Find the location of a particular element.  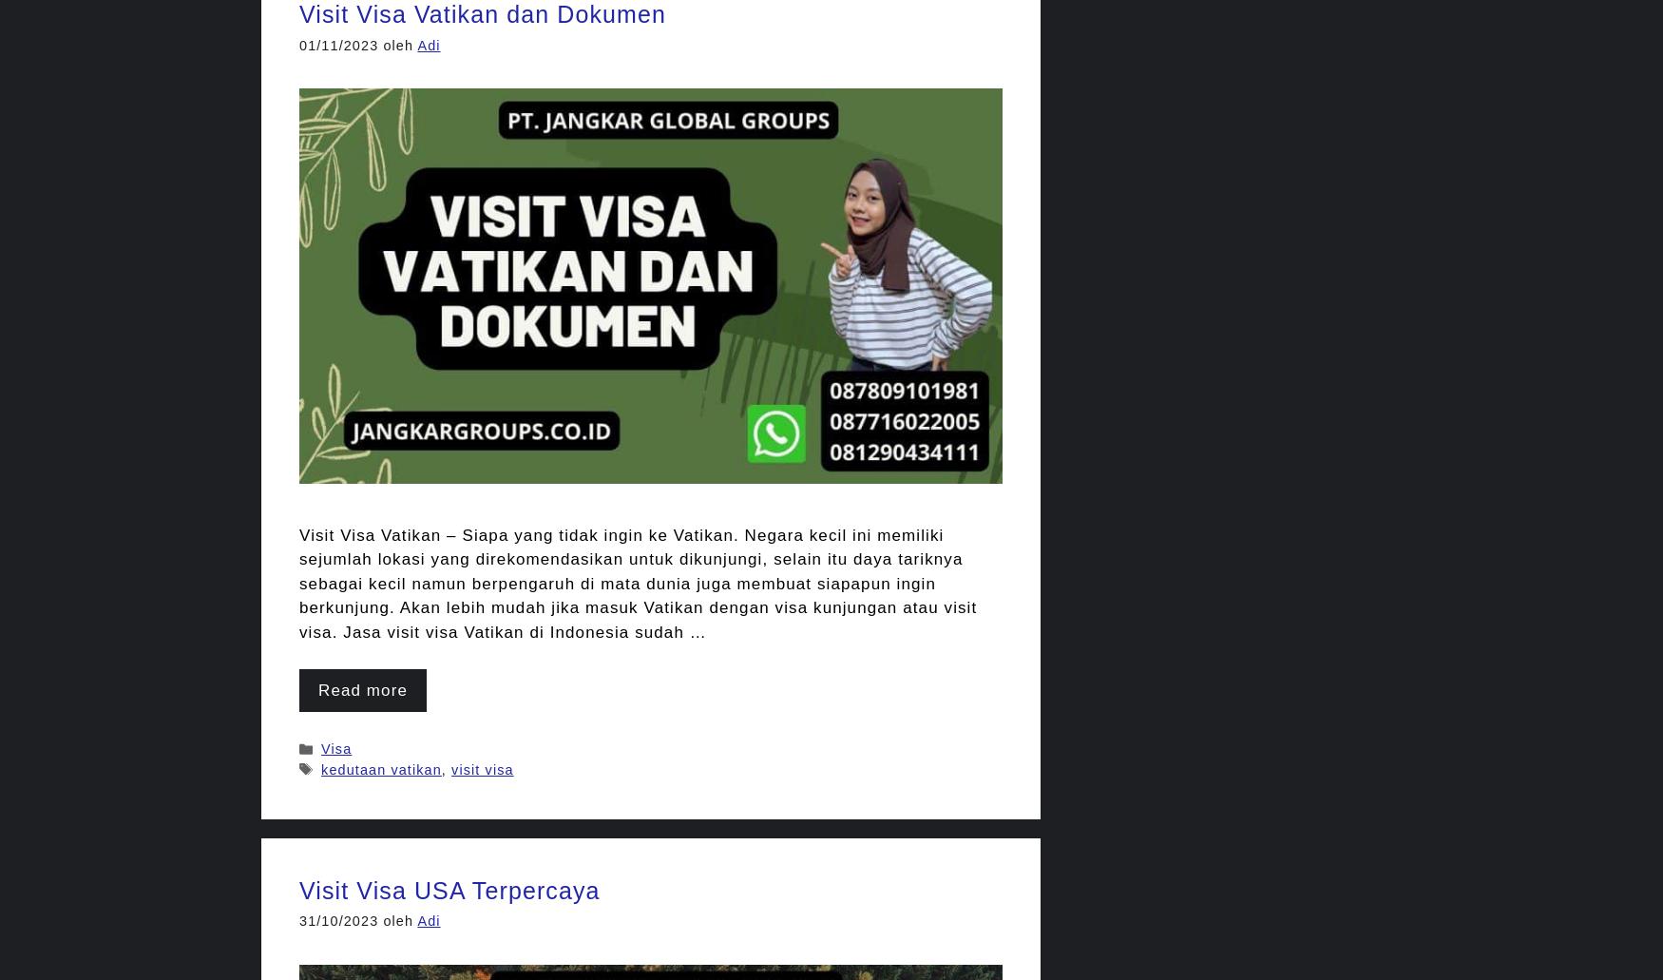

'31/10/2023' is located at coordinates (338, 919).